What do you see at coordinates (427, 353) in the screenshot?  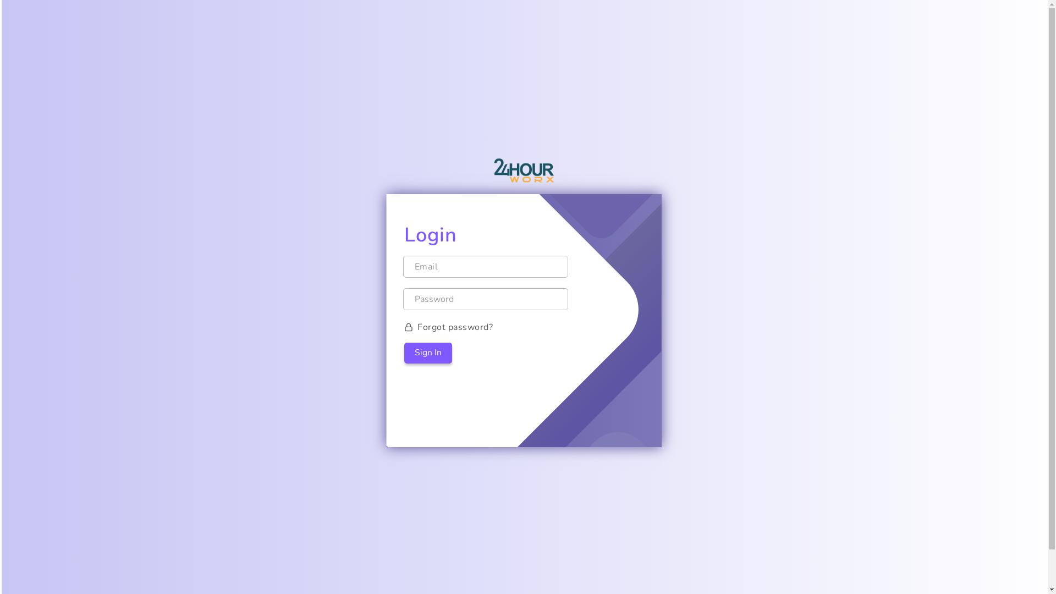 I see `'Sign In'` at bounding box center [427, 353].